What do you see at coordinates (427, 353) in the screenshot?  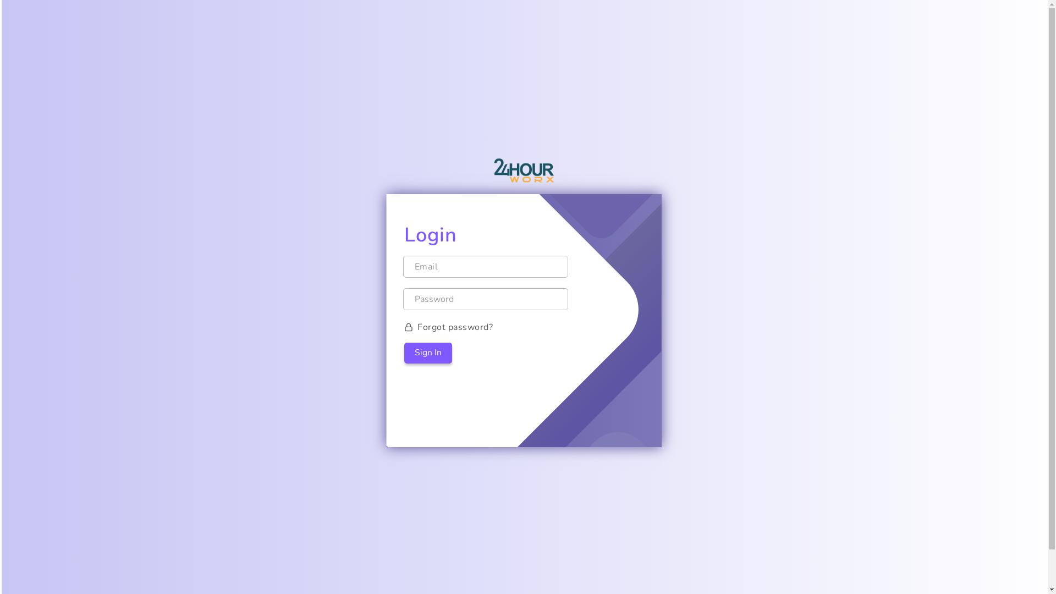 I see `'Sign In'` at bounding box center [427, 353].